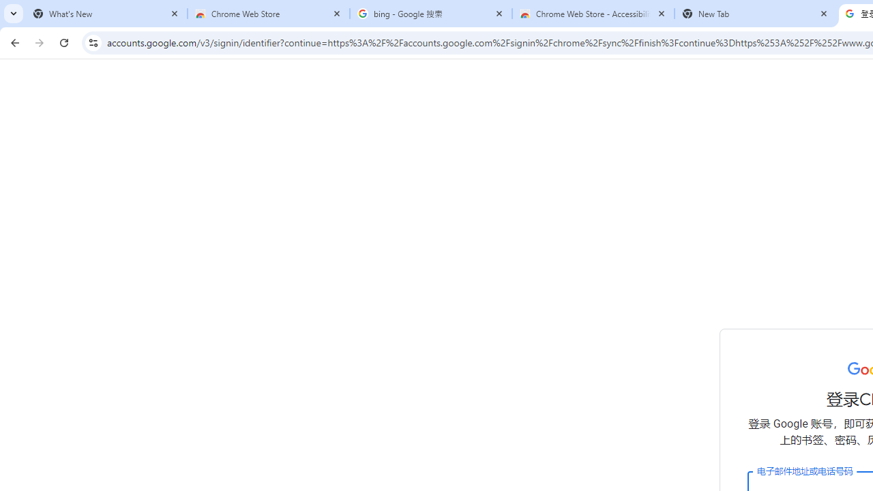 The image size is (873, 491). Describe the element at coordinates (269, 14) in the screenshot. I see `'Chrome Web Store'` at that location.